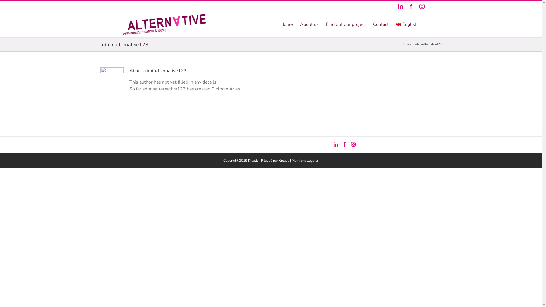  Describe the element at coordinates (406, 24) in the screenshot. I see `'English'` at that location.